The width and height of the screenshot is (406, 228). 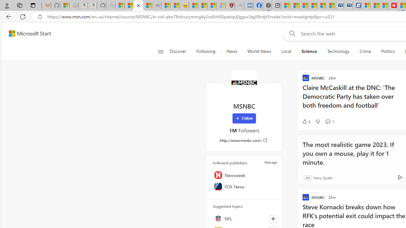 What do you see at coordinates (27, 33) in the screenshot?
I see `'Skip to content'` at bounding box center [27, 33].